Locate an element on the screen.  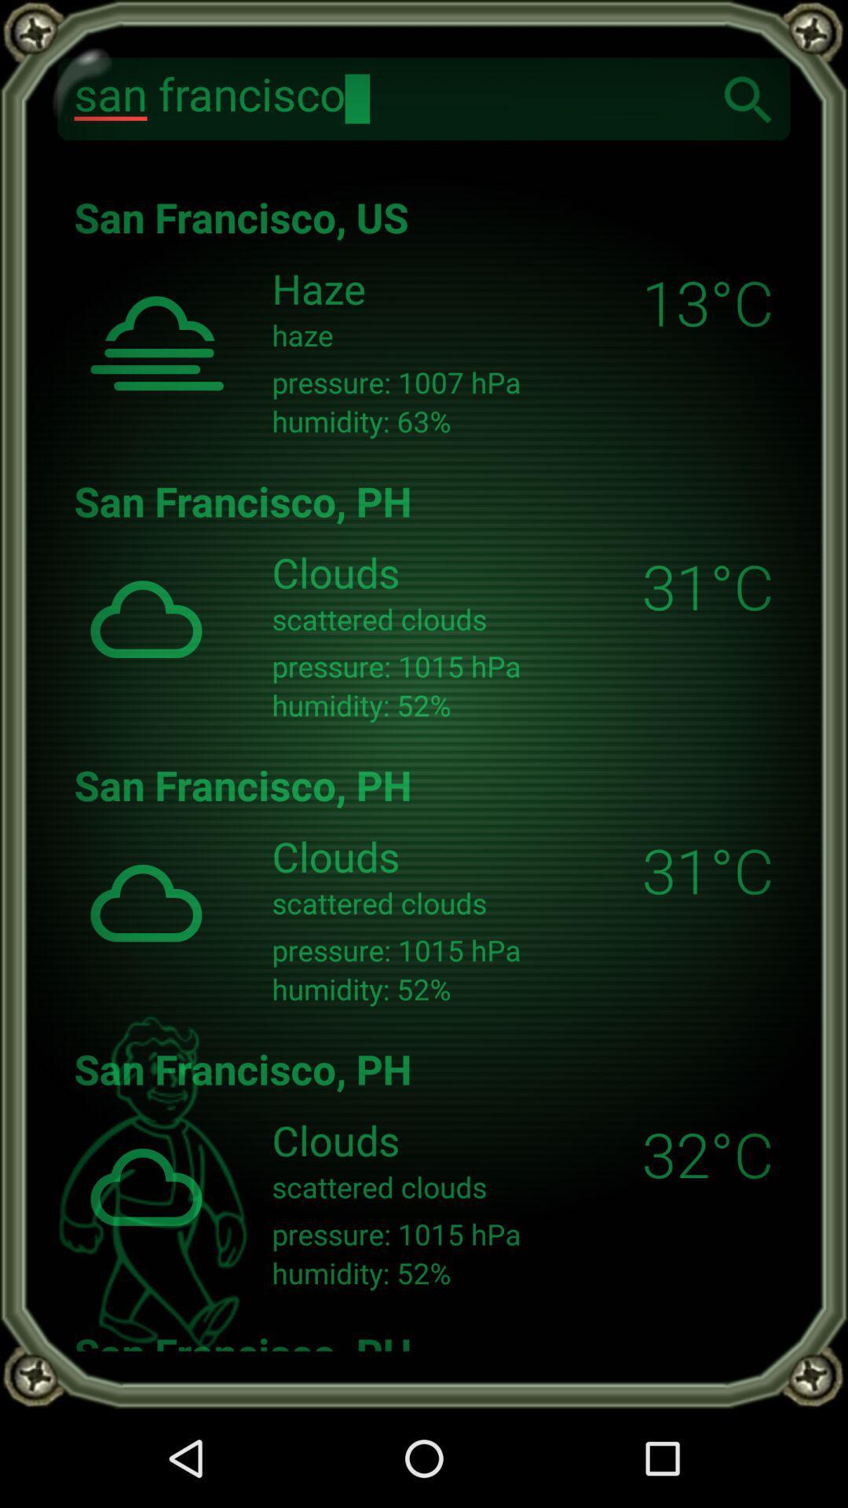
search botton is located at coordinates (747, 97).